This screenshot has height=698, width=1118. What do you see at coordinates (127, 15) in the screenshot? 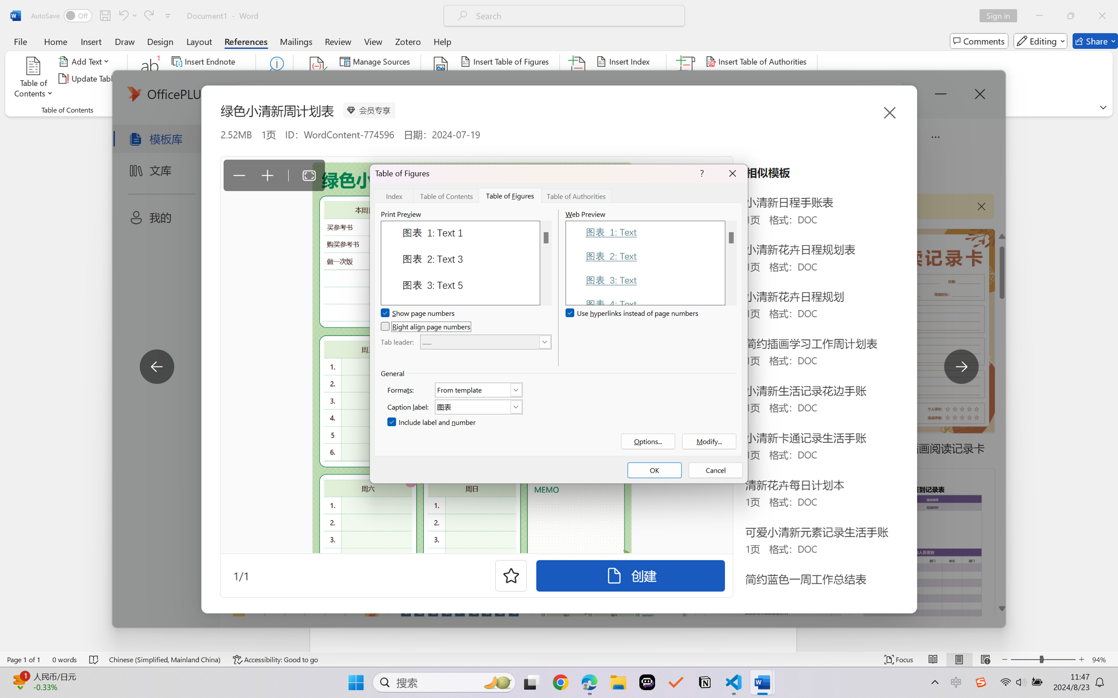
I see `'Undo Apply Quick Style Set'` at bounding box center [127, 15].